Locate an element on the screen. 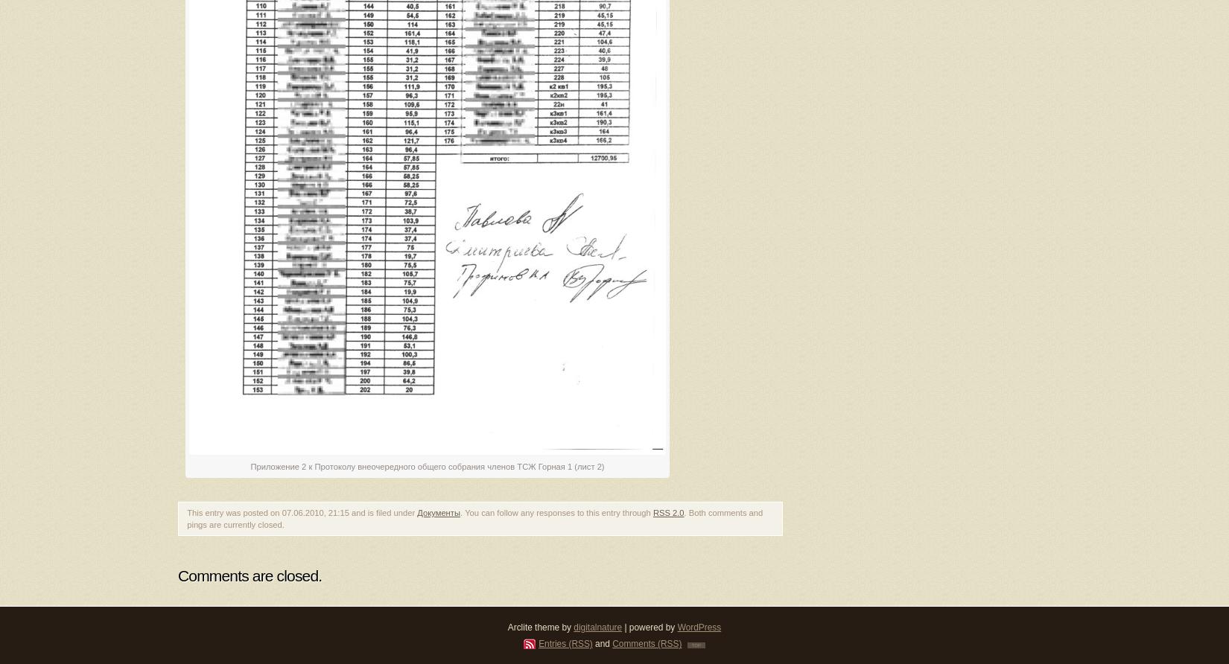 The image size is (1229, 664). 'Entries (RSS)' is located at coordinates (565, 642).